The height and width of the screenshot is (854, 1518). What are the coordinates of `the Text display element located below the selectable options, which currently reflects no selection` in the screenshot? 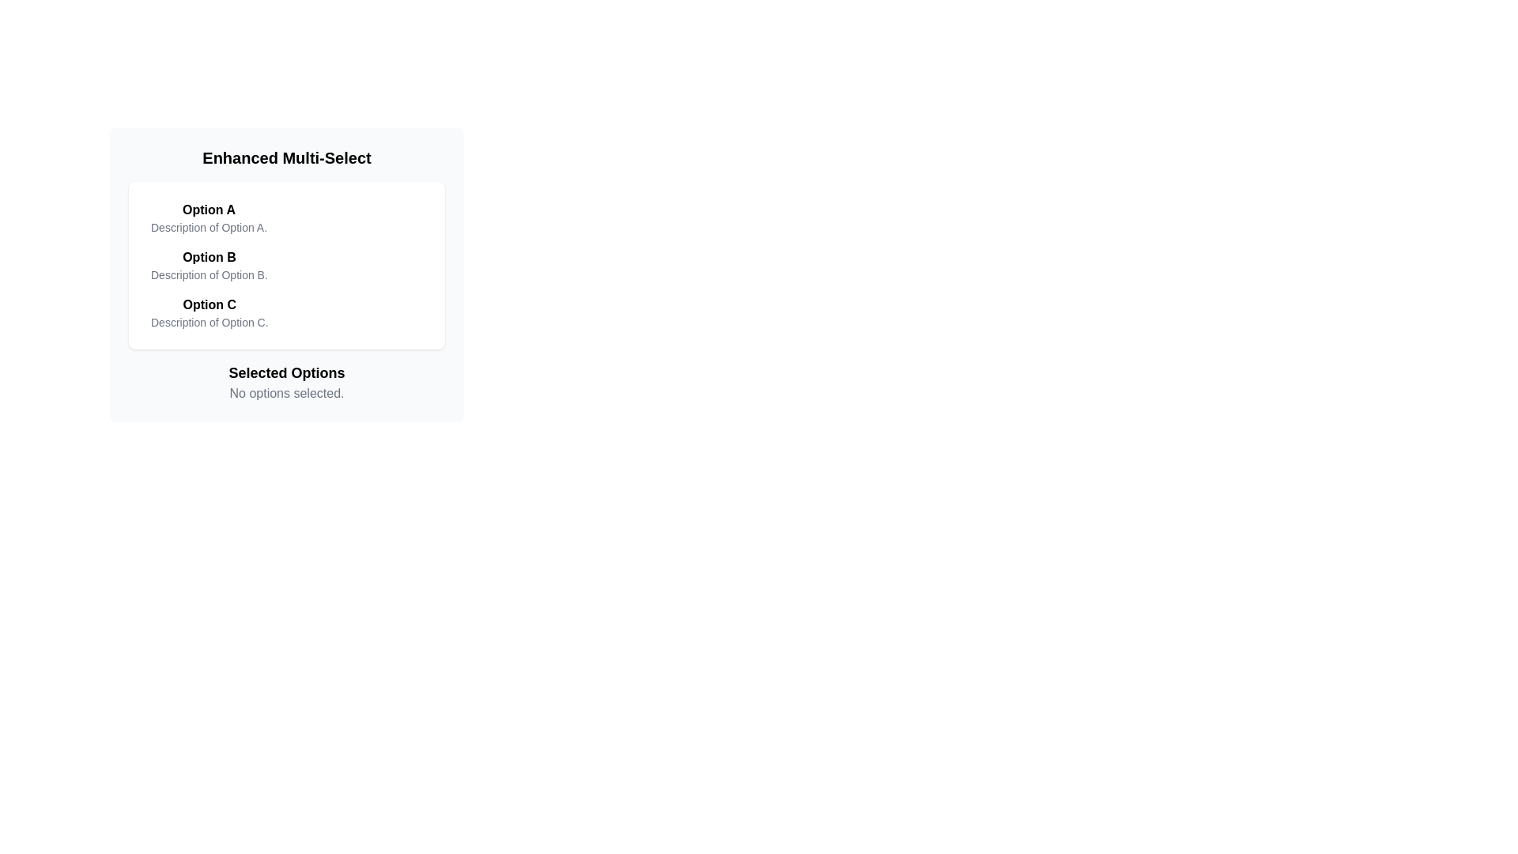 It's located at (287, 382).